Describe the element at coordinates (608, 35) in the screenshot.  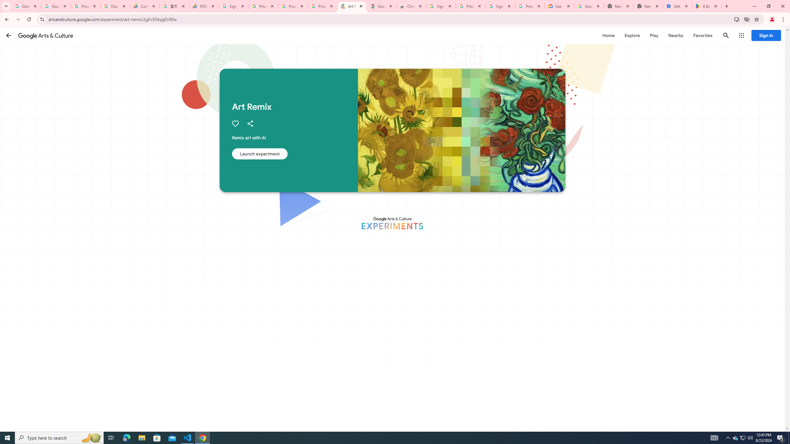
I see `'Home'` at that location.